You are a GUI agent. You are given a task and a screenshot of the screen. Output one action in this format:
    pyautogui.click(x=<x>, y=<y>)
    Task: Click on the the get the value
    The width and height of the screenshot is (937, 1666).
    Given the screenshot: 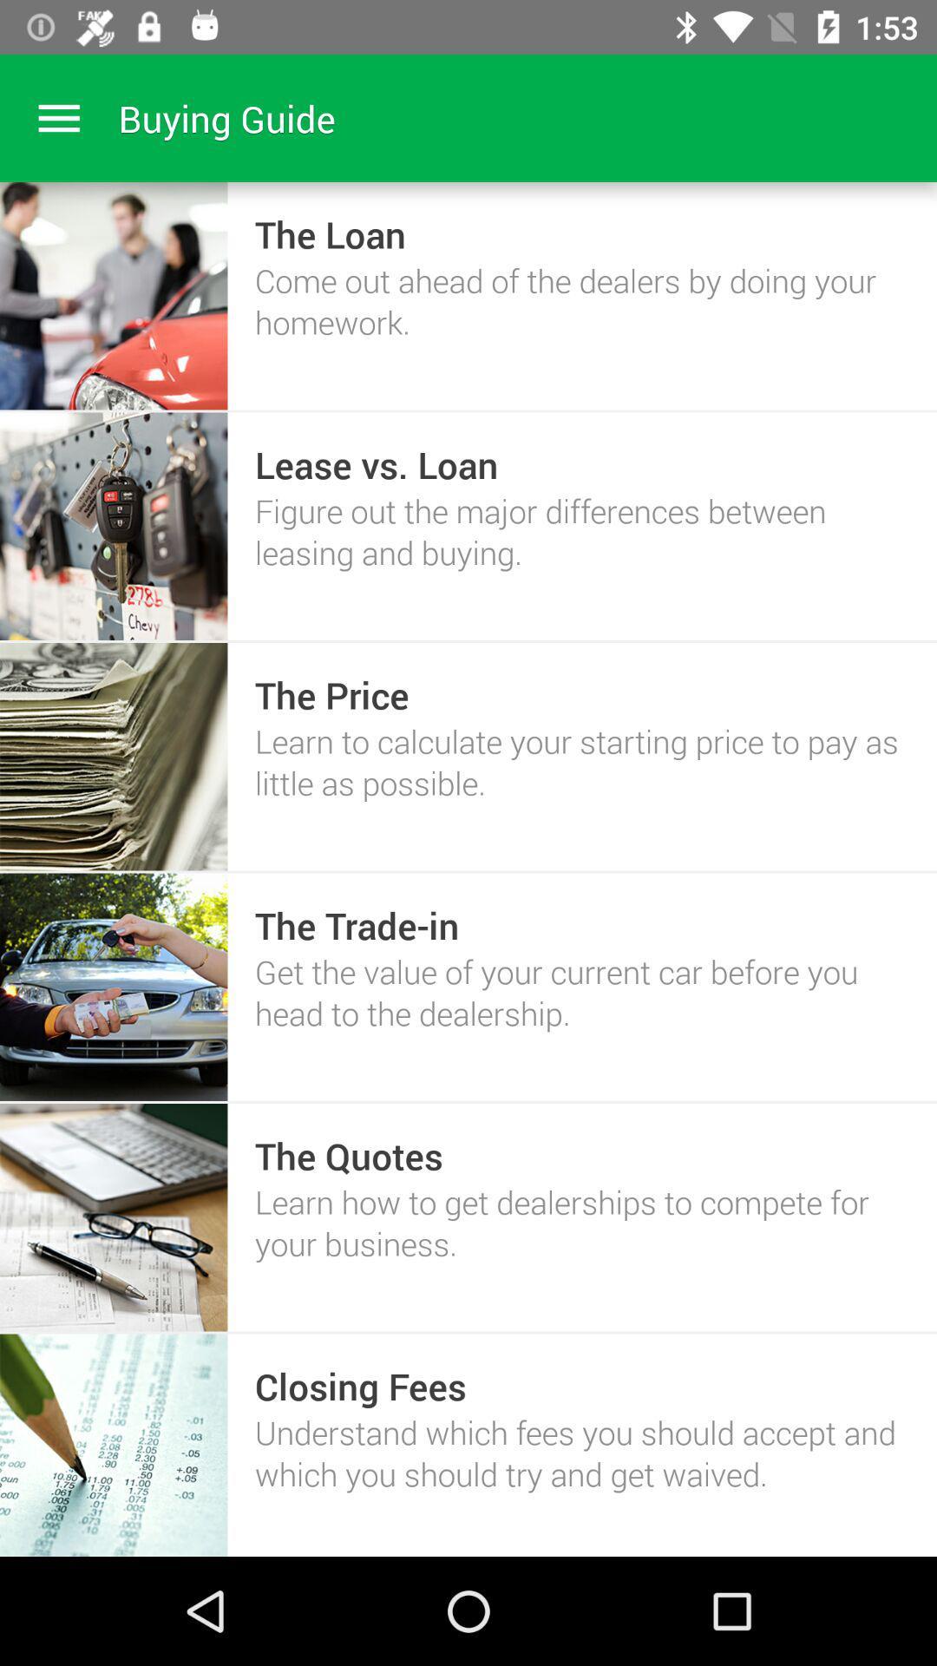 What is the action you would take?
    pyautogui.click(x=582, y=992)
    